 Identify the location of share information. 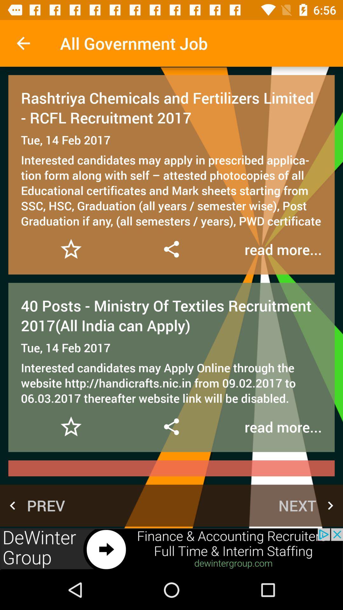
(171, 249).